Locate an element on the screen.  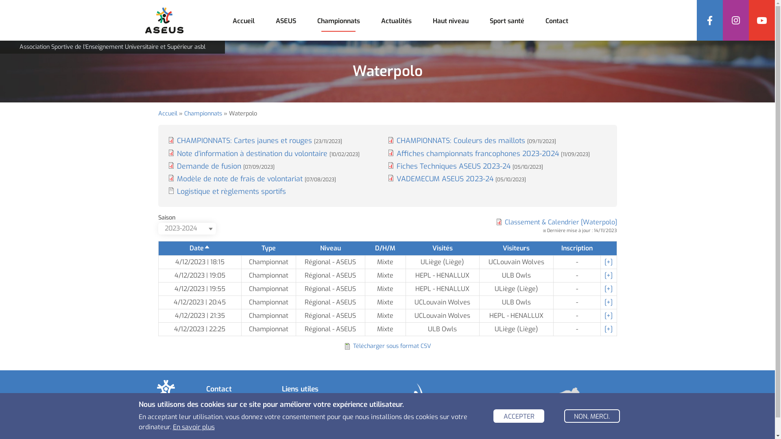
'Affiches championnats francophones 2023-2024 [11/09/2023]' is located at coordinates (488, 153).